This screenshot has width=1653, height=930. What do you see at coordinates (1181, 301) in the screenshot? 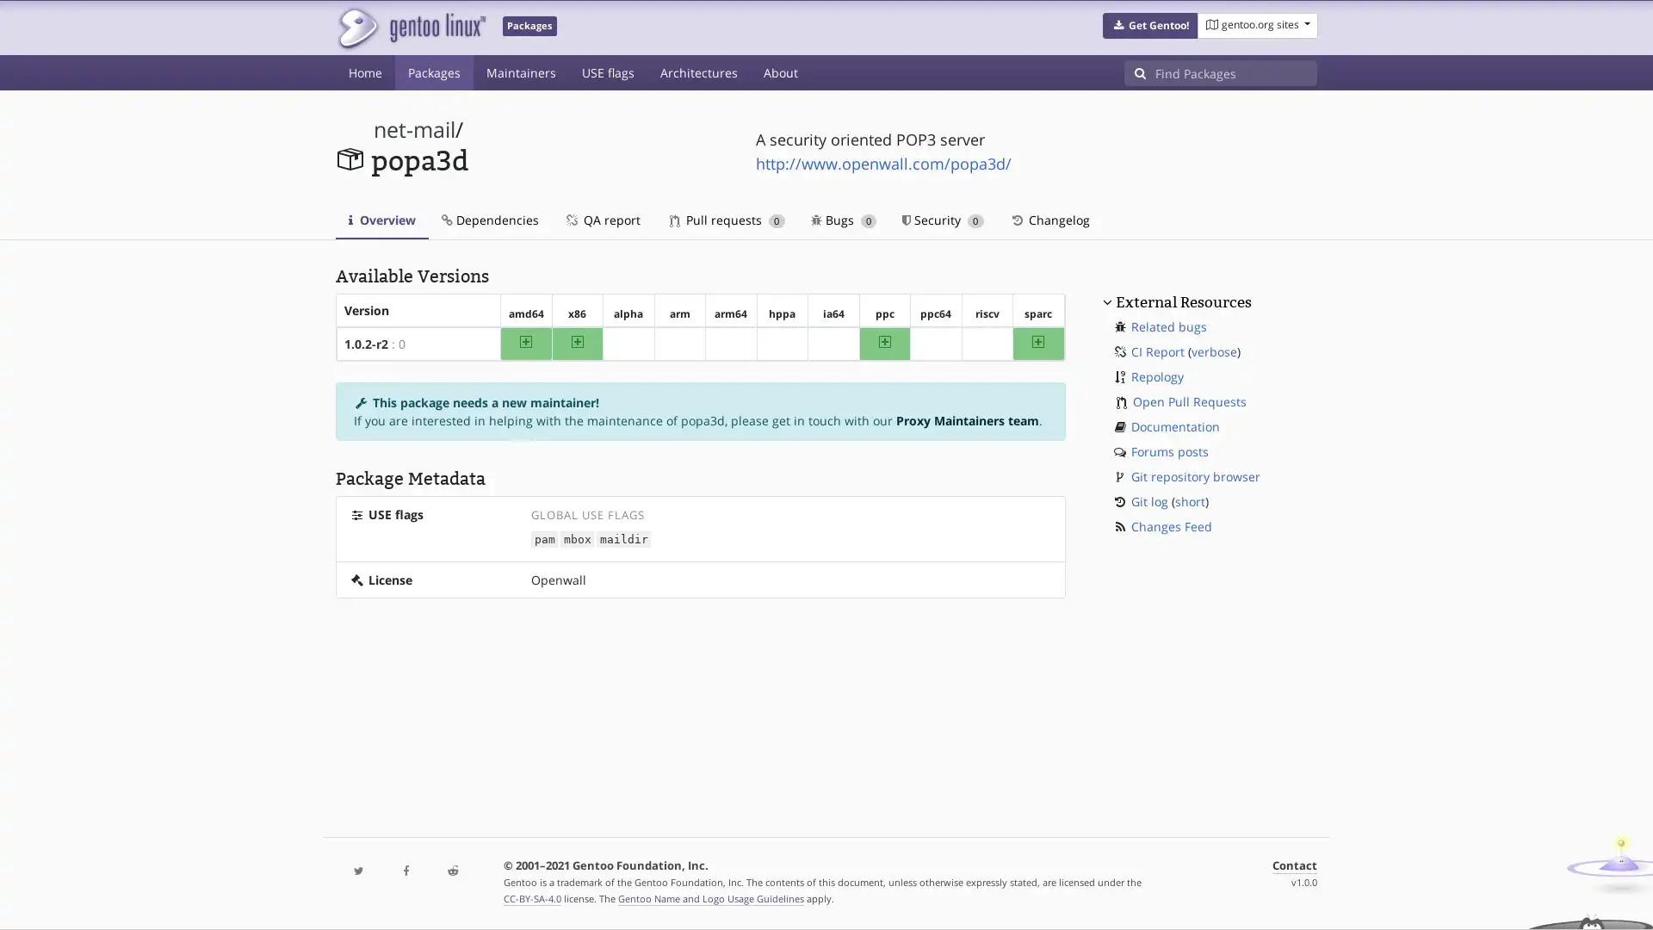
I see `External Resources` at bounding box center [1181, 301].